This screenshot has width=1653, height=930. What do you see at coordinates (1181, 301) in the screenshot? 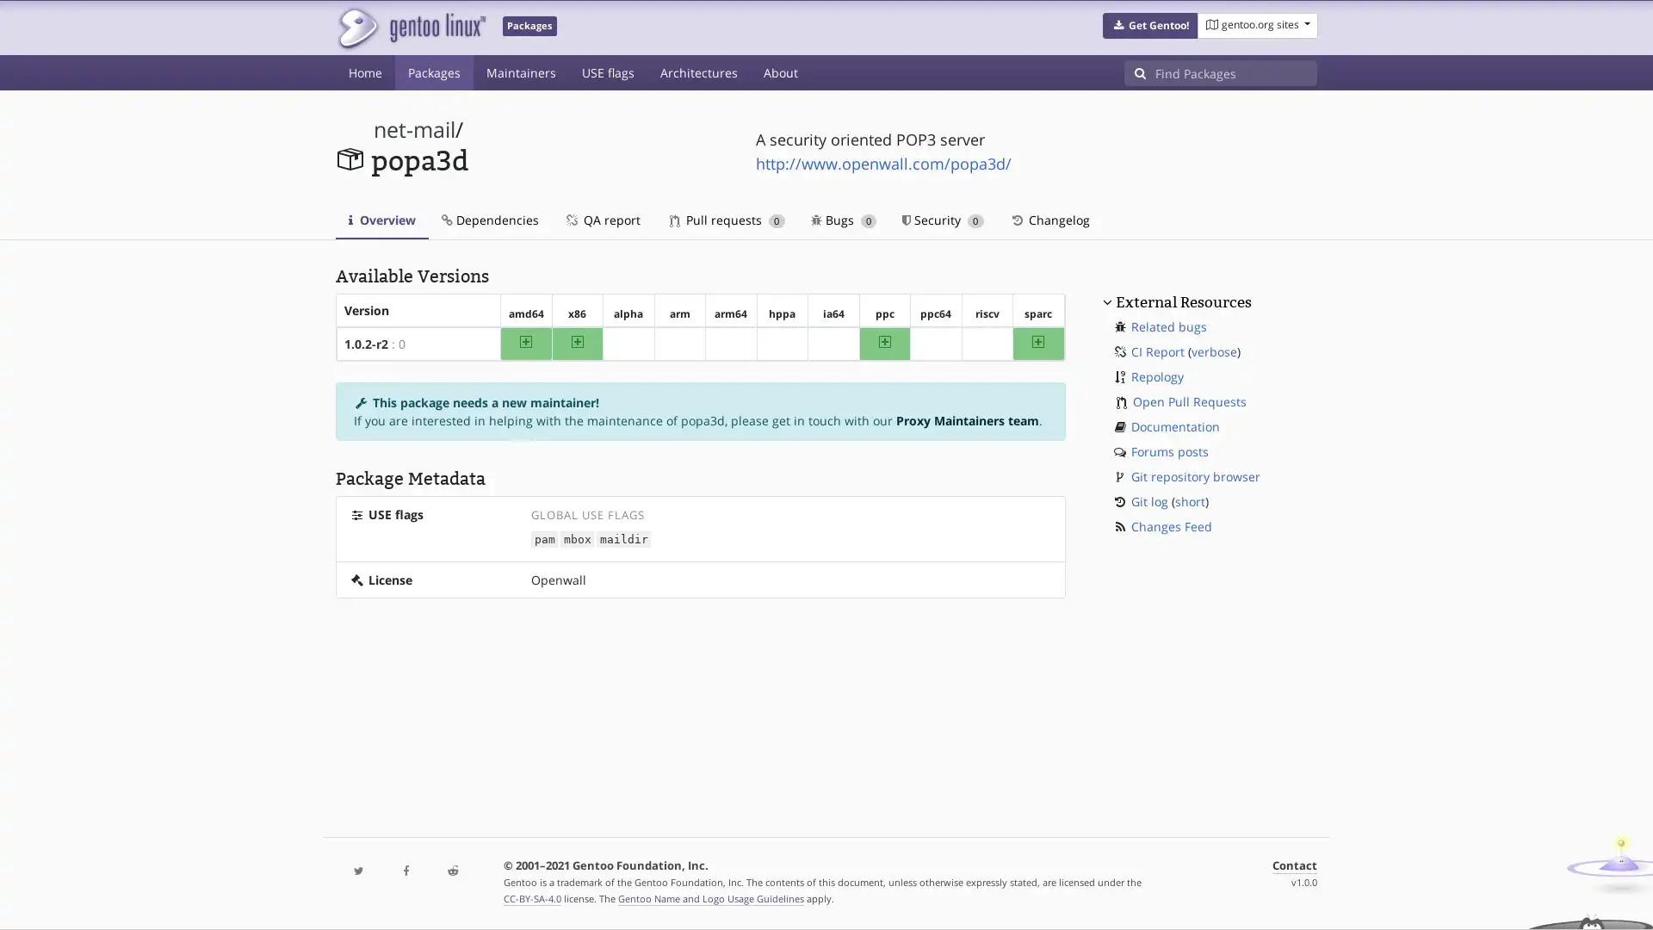
I see `External Resources` at bounding box center [1181, 301].